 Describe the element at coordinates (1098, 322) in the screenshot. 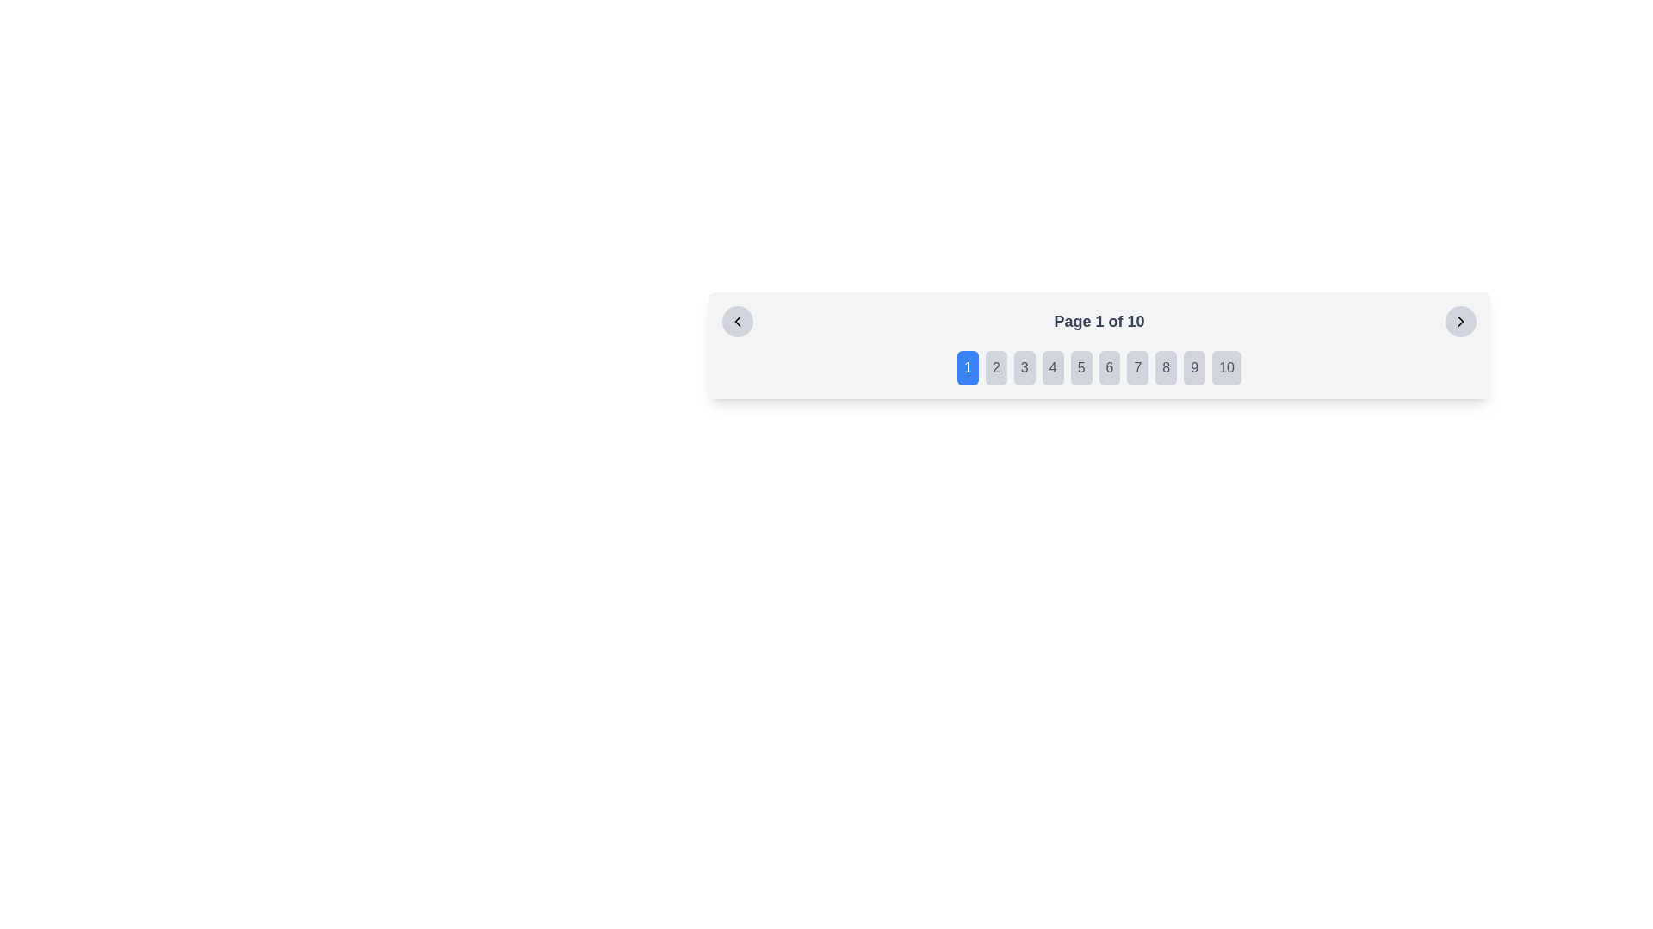

I see `the text label that provides information about the user's current page and the total number of pages available in a paginated interface, which is horizontally centered above a row of numbered page buttons` at that location.